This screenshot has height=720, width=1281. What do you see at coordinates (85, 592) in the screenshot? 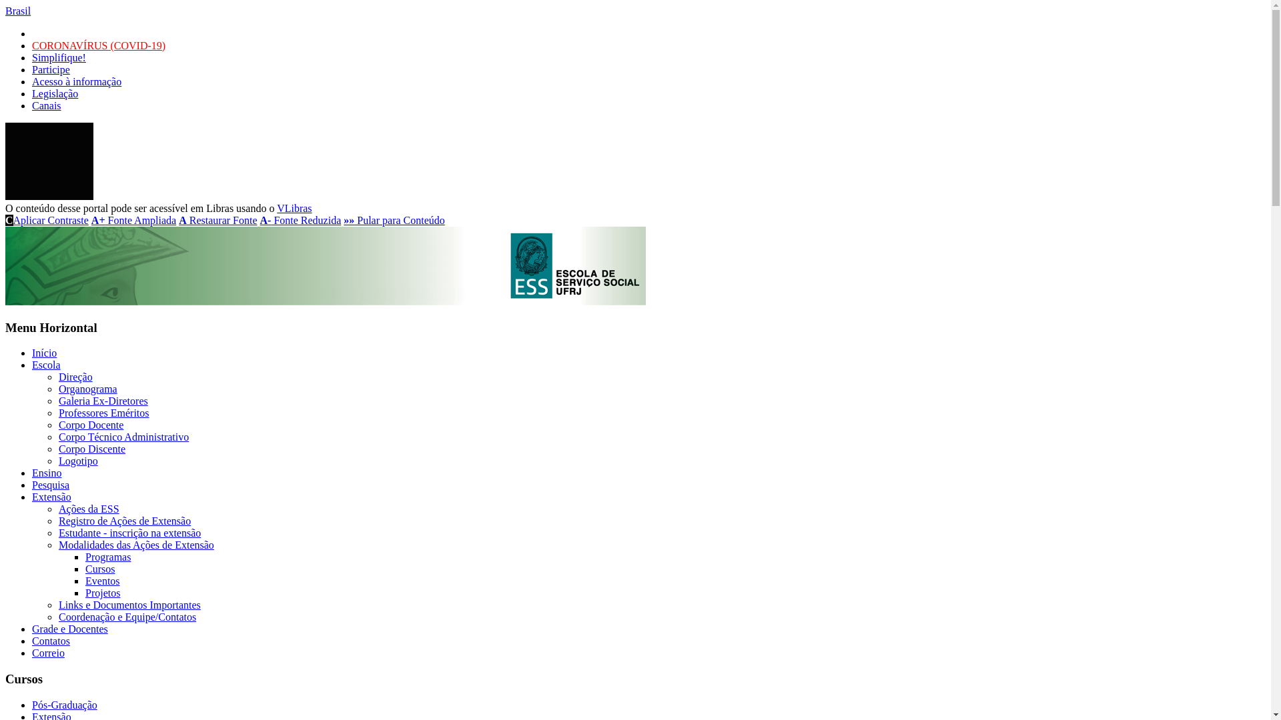
I see `'Projetos'` at bounding box center [85, 592].